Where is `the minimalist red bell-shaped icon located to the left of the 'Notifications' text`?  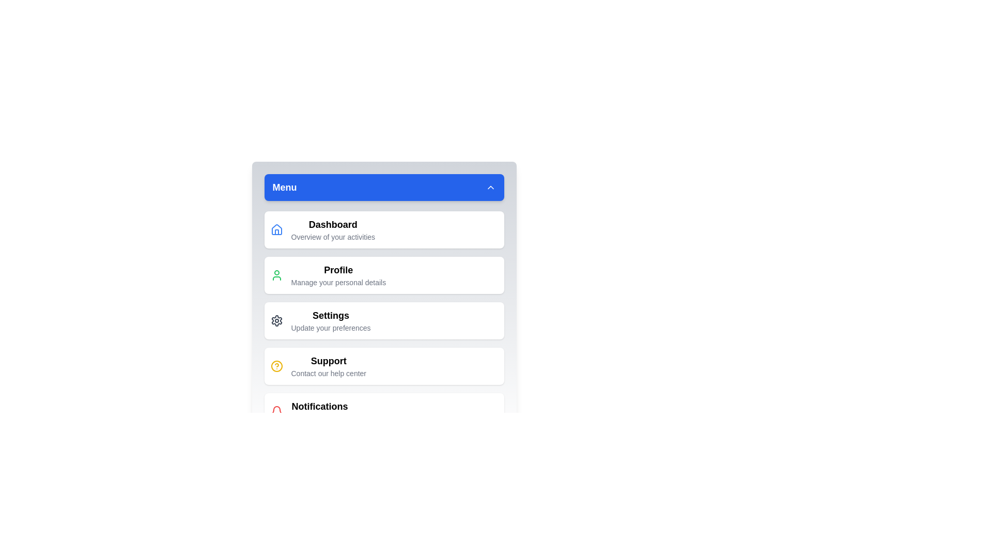
the minimalist red bell-shaped icon located to the left of the 'Notifications' text is located at coordinates (276, 411).